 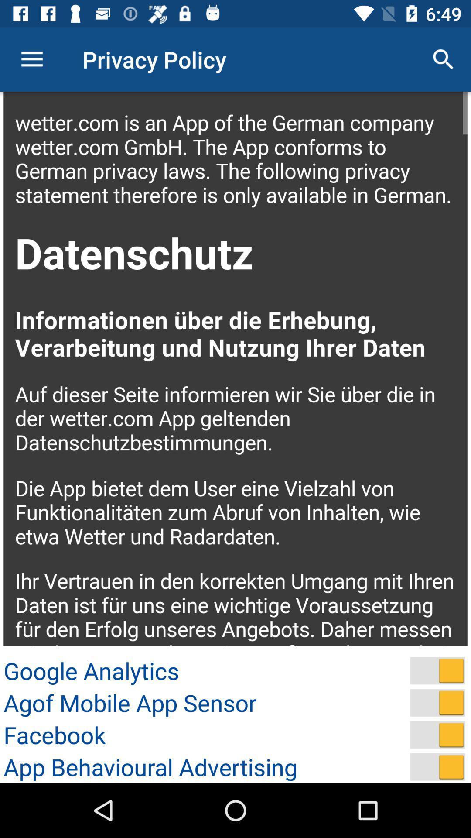 I want to click on app behavioural advertising, so click(x=437, y=766).